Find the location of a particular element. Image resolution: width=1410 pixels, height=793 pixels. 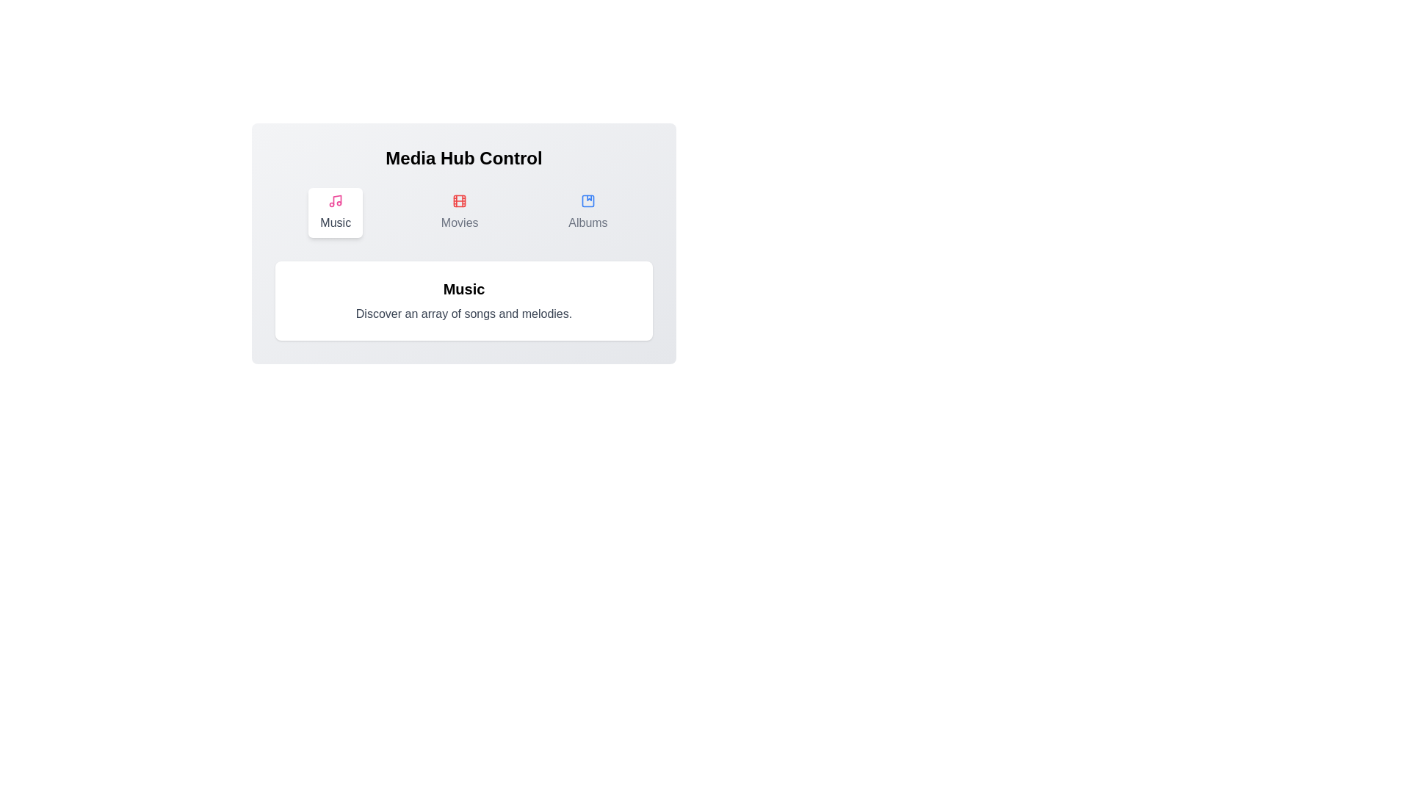

the media category Music by clicking its respective button is located at coordinates (335, 212).